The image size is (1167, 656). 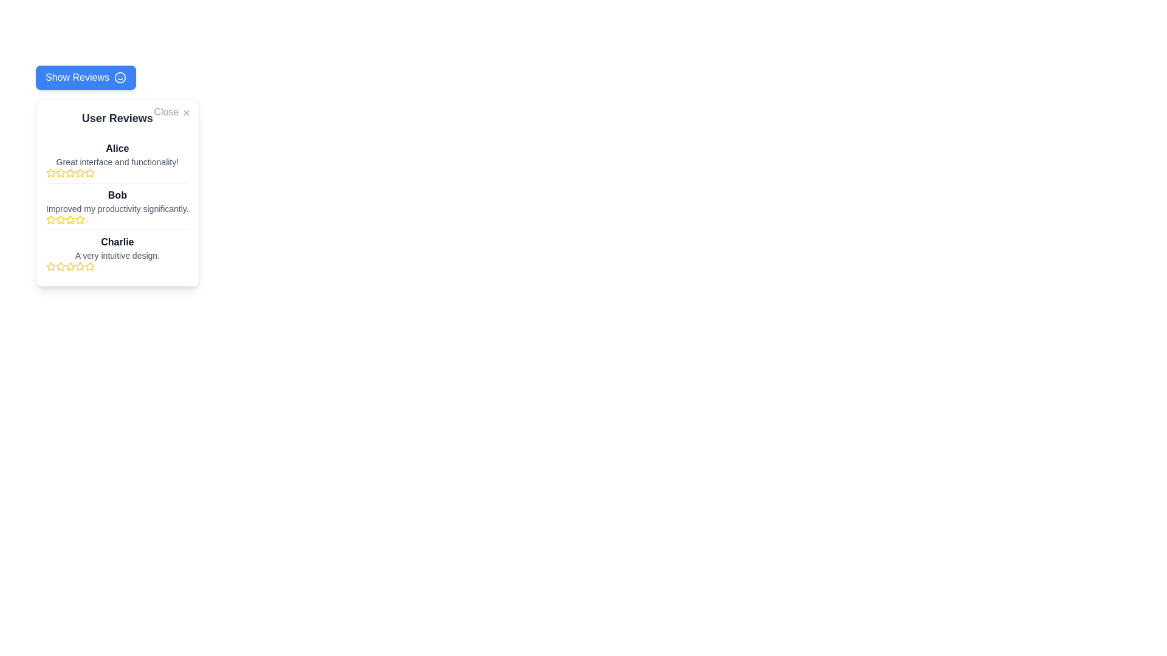 What do you see at coordinates (50, 173) in the screenshot?
I see `the first yellow star icon in Alice's review within the User Reviews panel` at bounding box center [50, 173].